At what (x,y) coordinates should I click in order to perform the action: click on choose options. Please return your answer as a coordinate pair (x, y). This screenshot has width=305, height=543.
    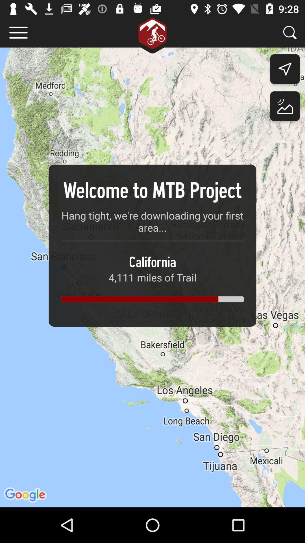
    Looking at the image, I should click on (18, 32).